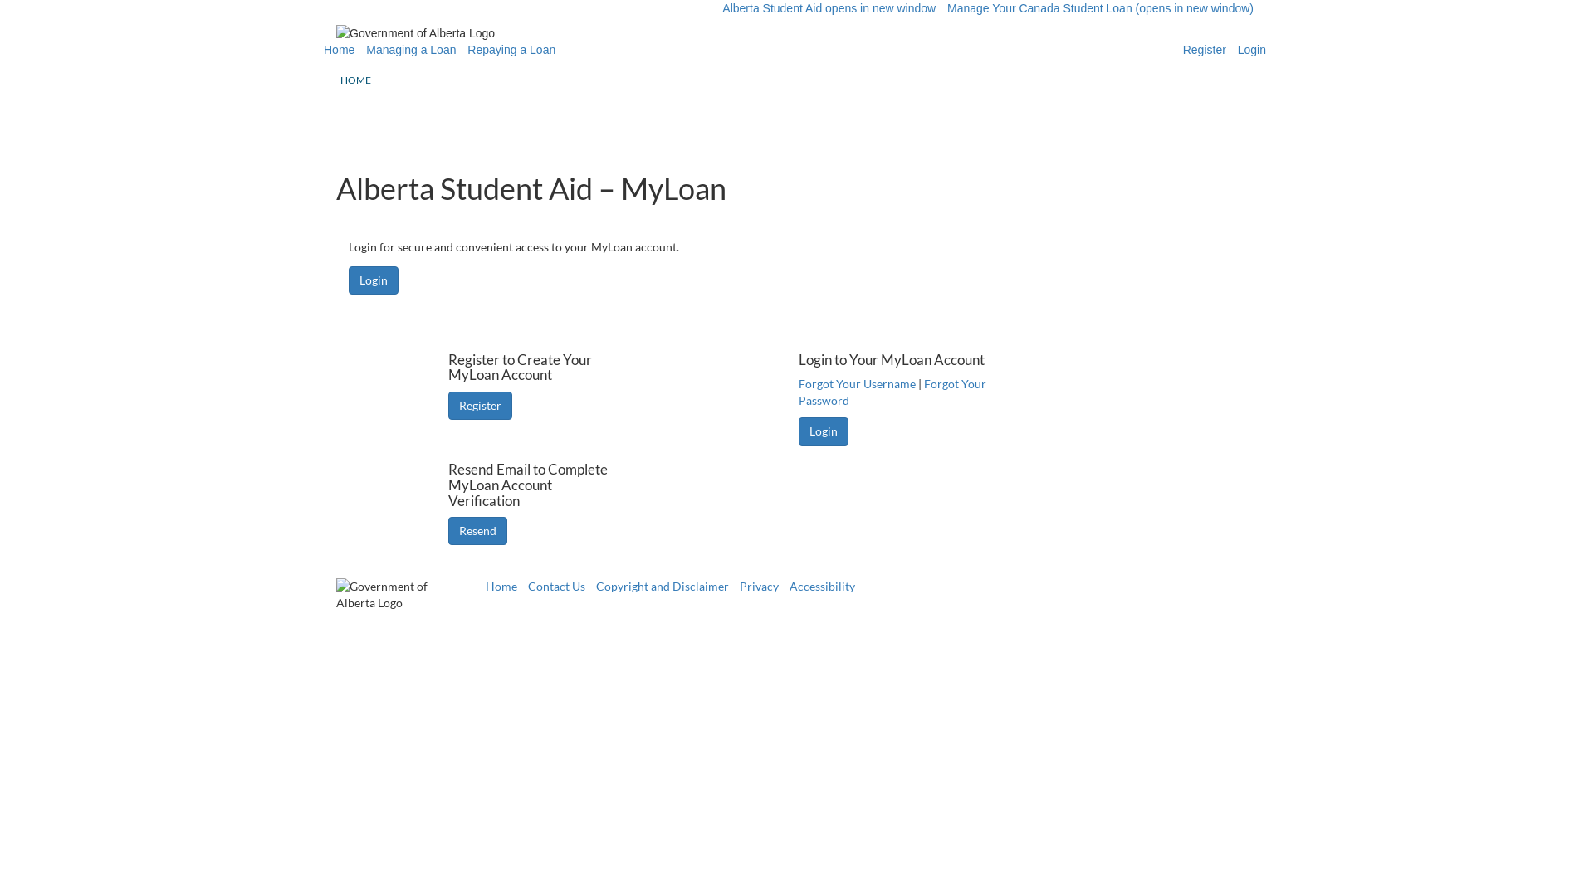  What do you see at coordinates (661, 585) in the screenshot?
I see `'Copyright and Disclaimer'` at bounding box center [661, 585].